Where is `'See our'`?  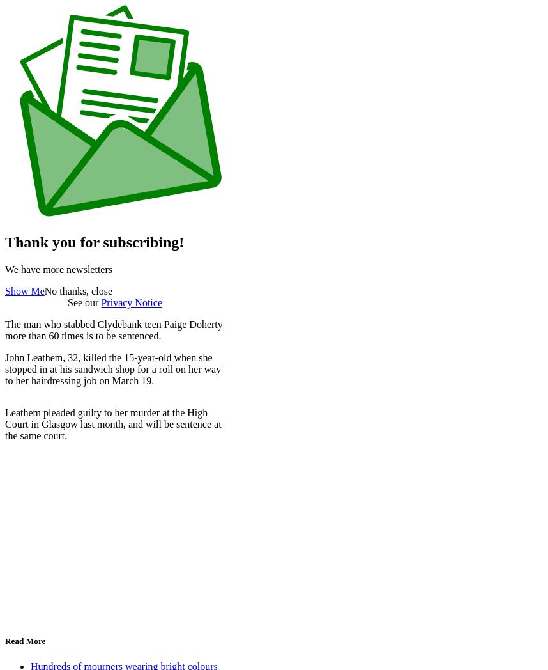 'See our' is located at coordinates (67, 302).